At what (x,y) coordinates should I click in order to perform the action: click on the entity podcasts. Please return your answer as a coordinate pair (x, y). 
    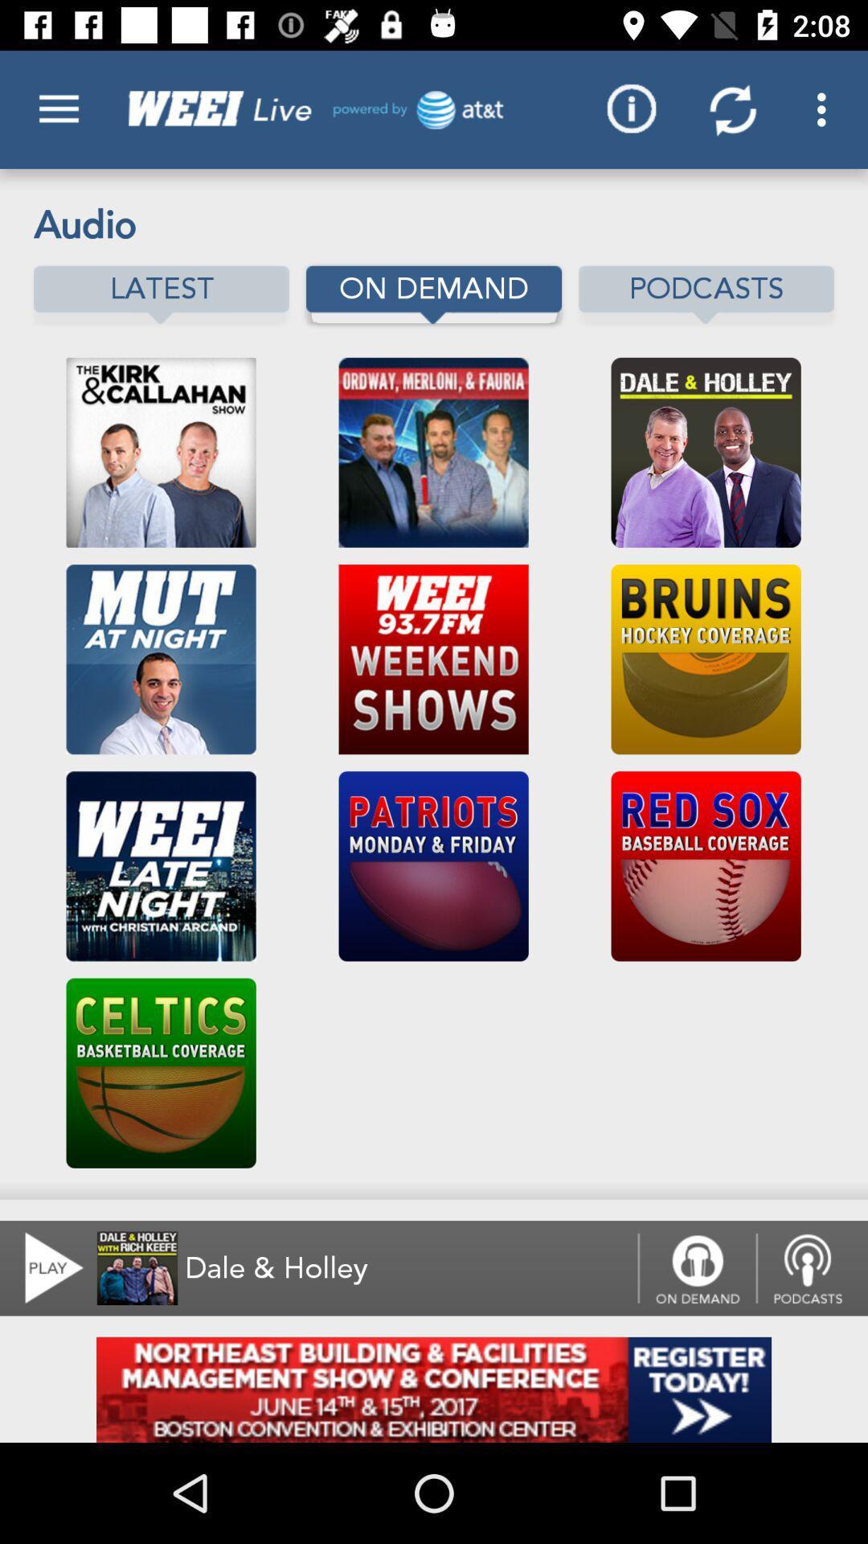
    Looking at the image, I should click on (706, 294).